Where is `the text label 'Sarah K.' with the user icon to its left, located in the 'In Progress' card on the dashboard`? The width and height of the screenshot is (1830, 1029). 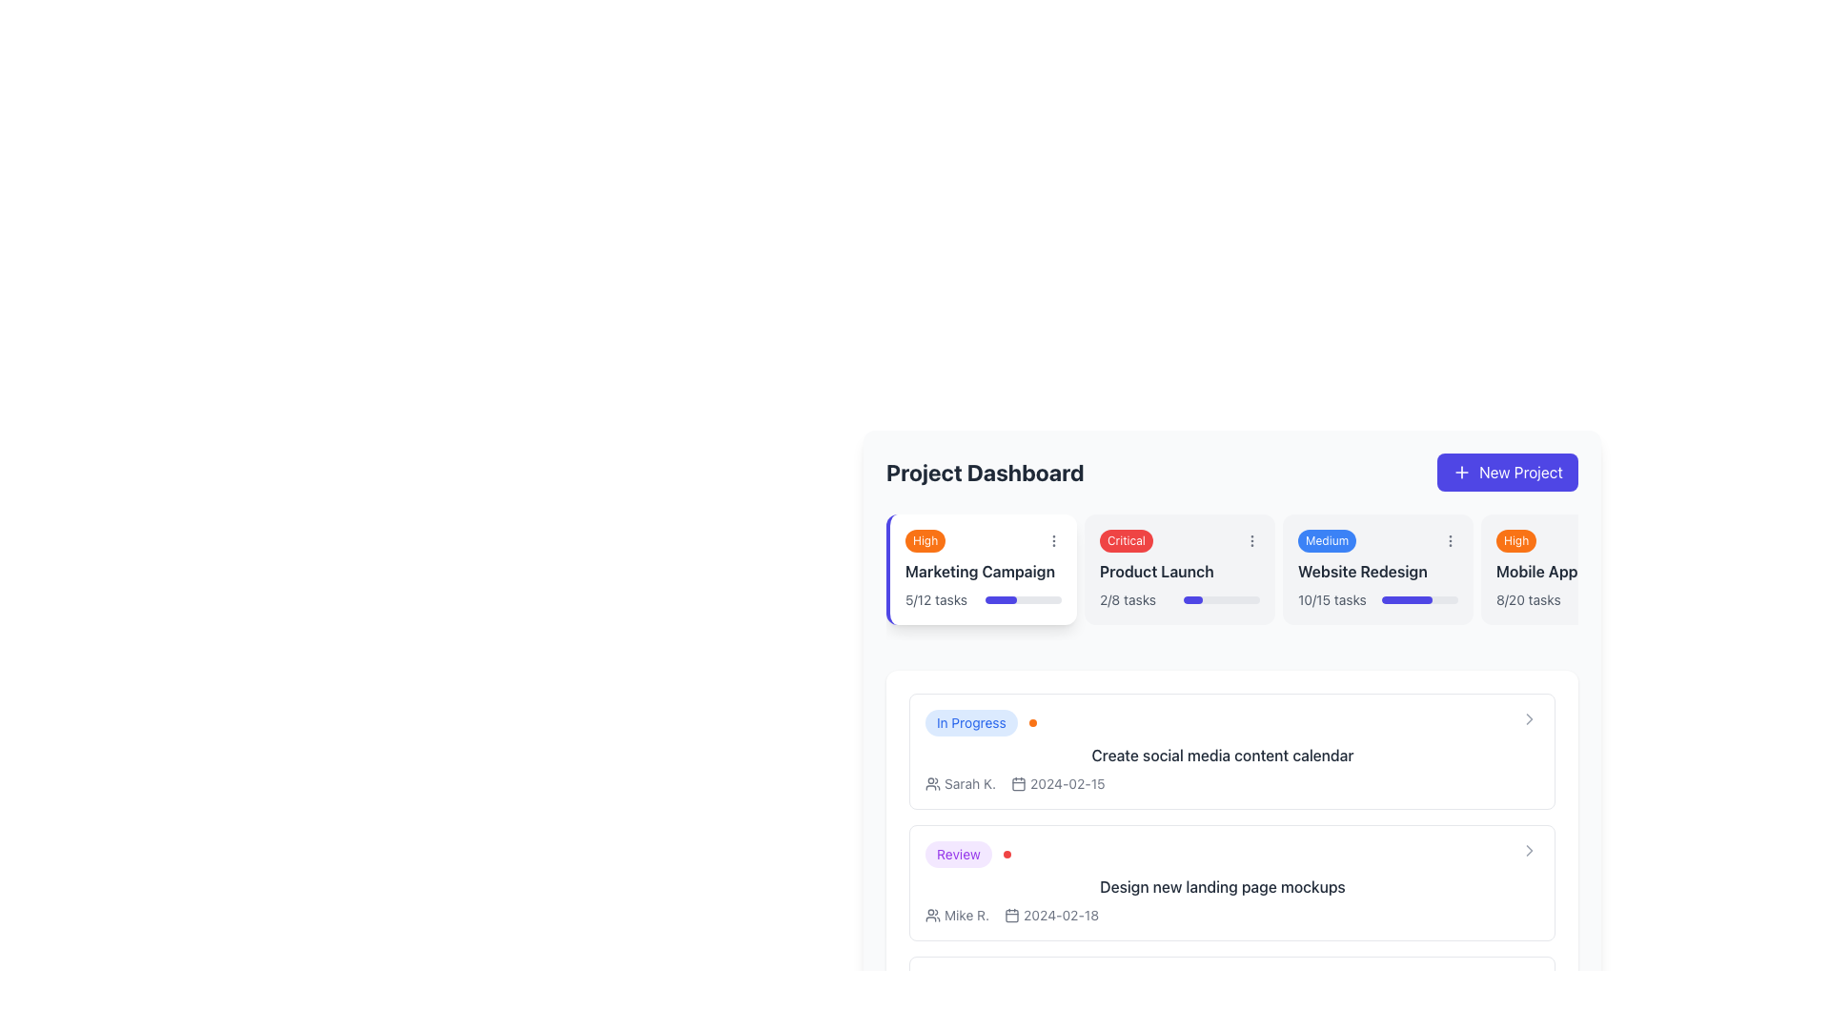
the text label 'Sarah K.' with the user icon to its left, located in the 'In Progress' card on the dashboard is located at coordinates (961, 783).